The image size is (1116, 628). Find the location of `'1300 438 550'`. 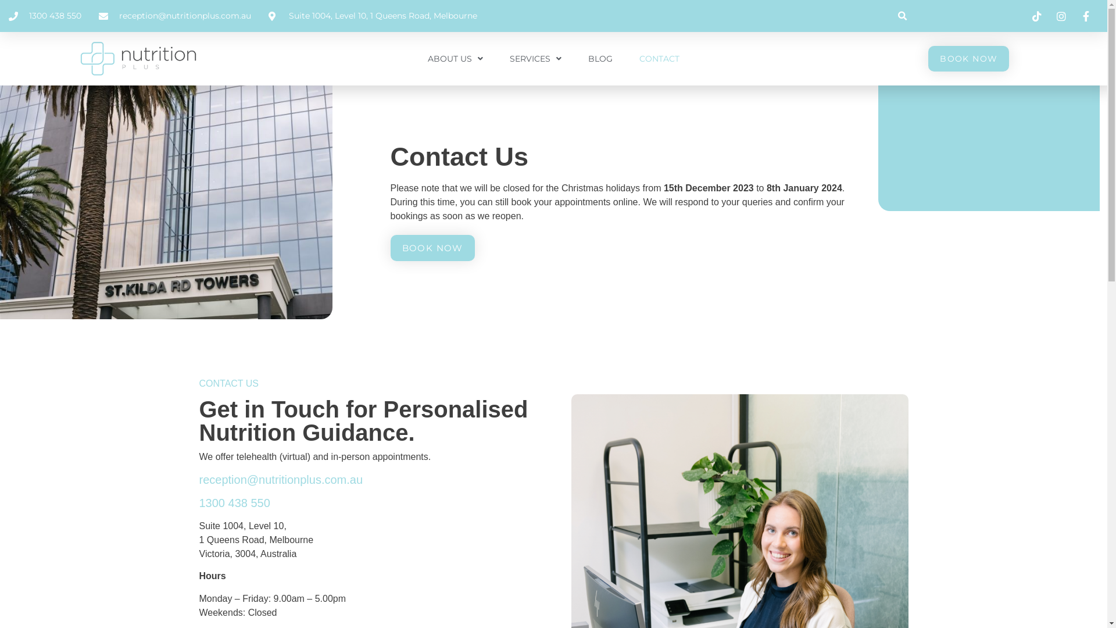

'1300 438 550' is located at coordinates (234, 502).